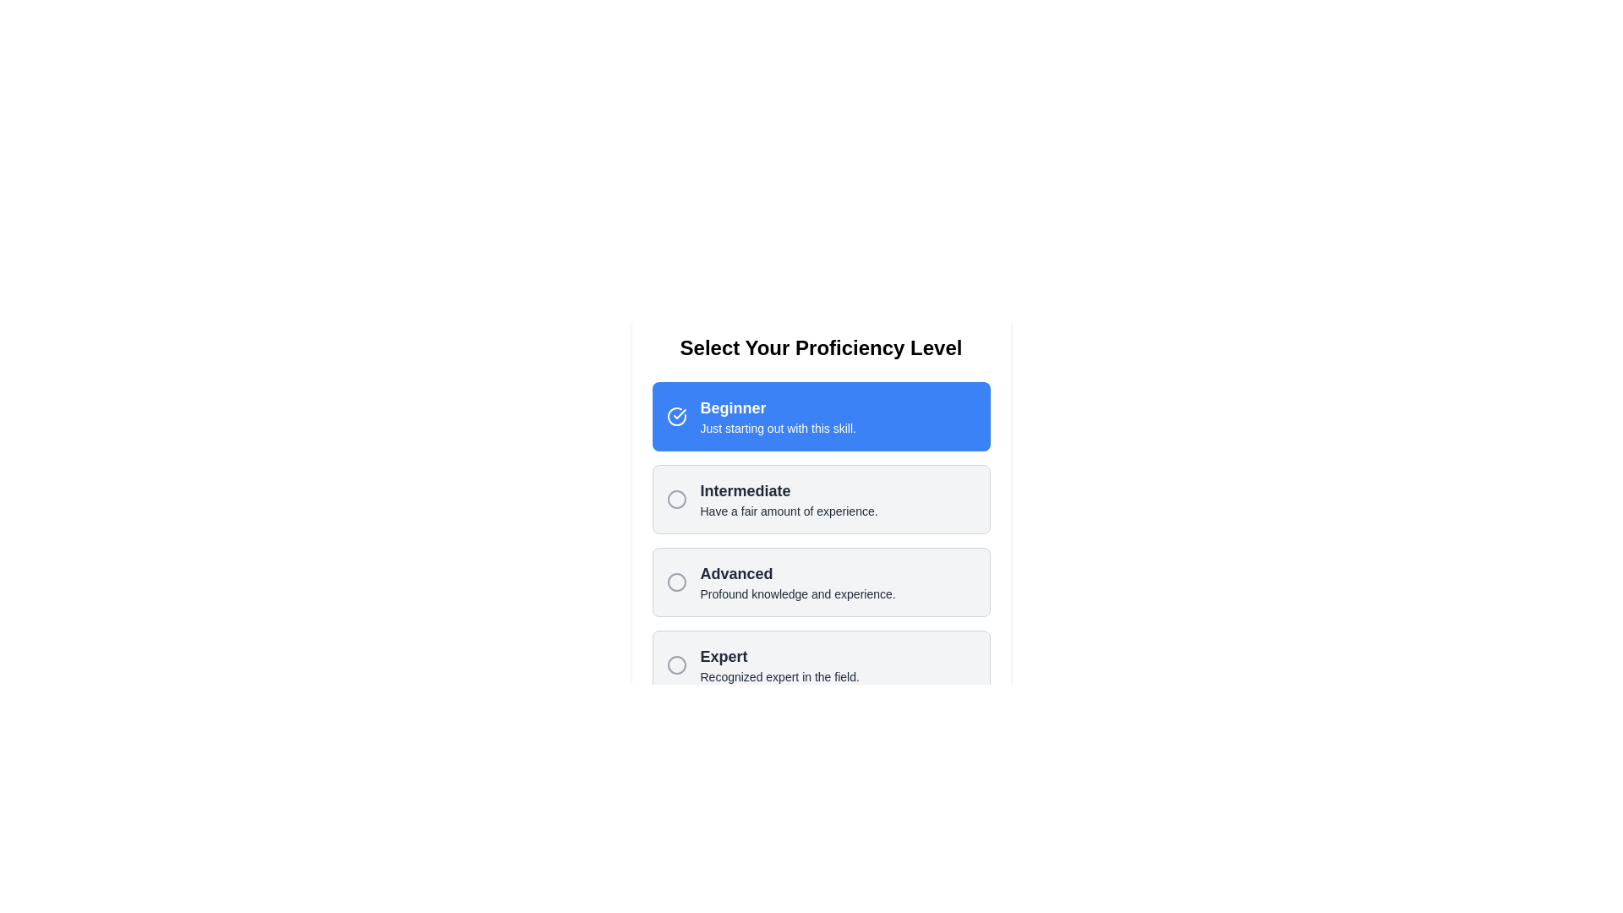 The height and width of the screenshot is (913, 1623). I want to click on the selectable list item labeled 'Advanced', so click(821, 582).